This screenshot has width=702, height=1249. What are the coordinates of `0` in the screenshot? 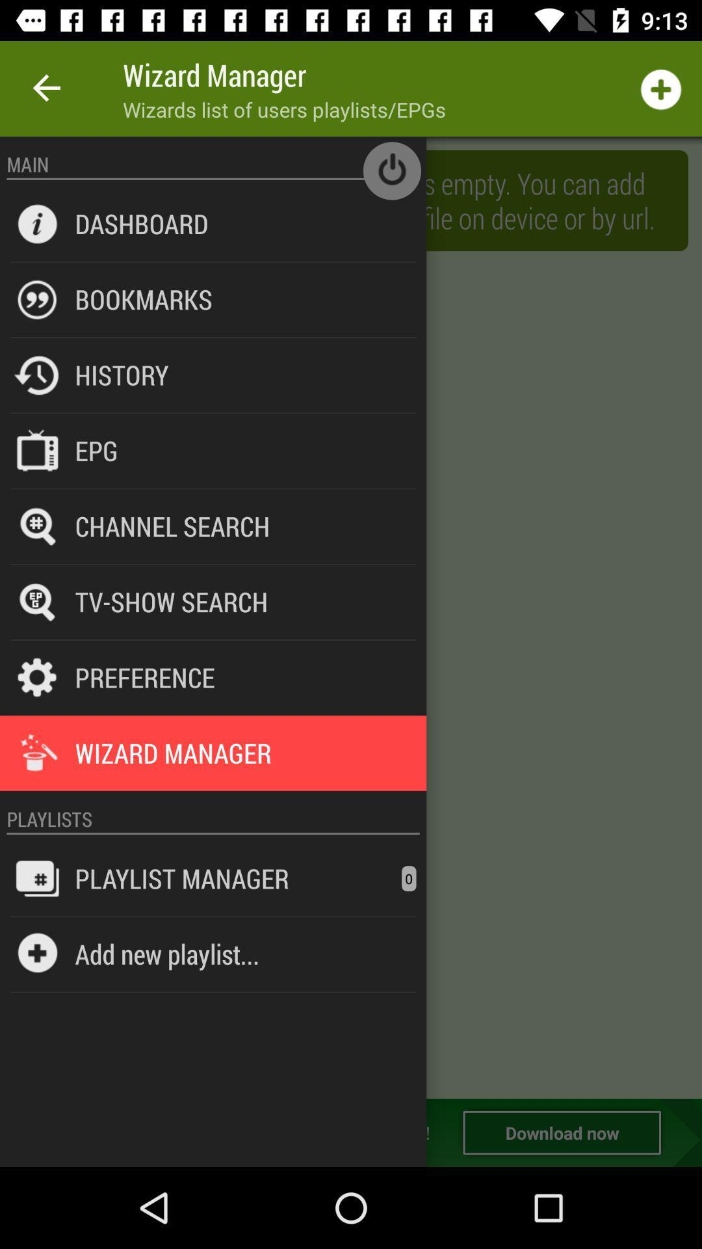 It's located at (408, 878).